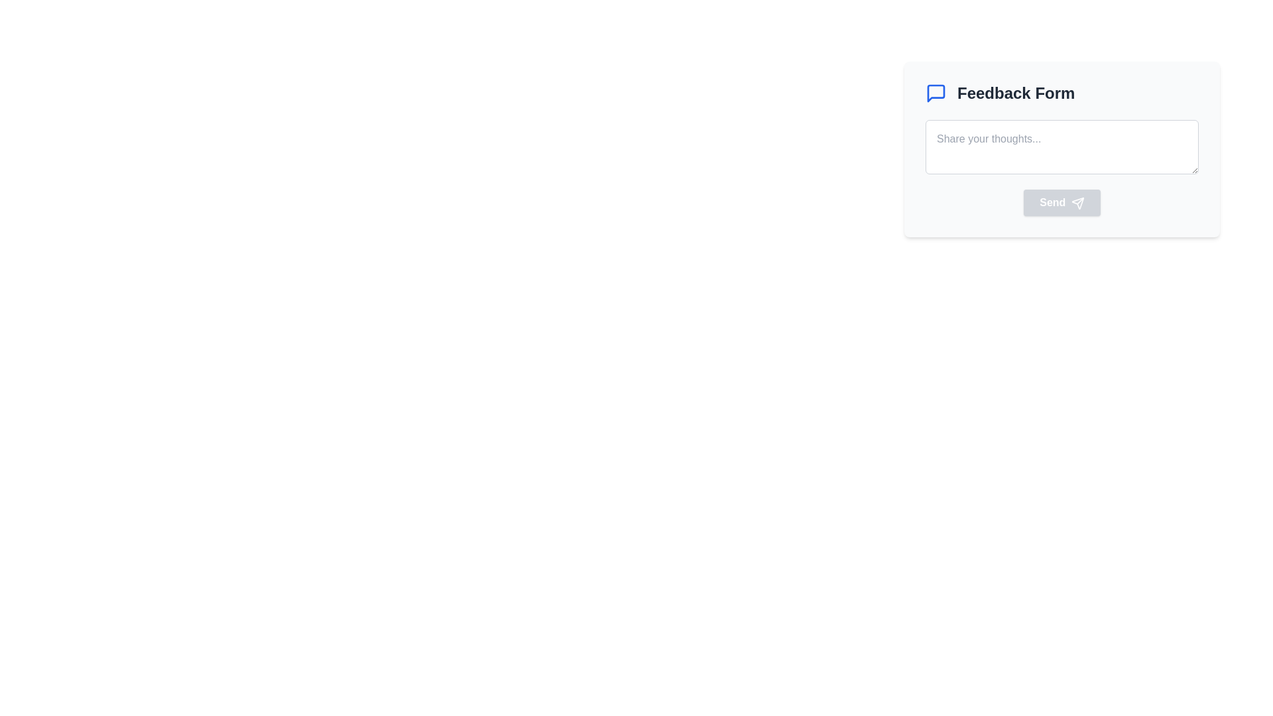 The image size is (1273, 716). What do you see at coordinates (1015, 93) in the screenshot?
I see `the 'Feedback Form' text label, which is prominently displayed in a bold and large font, located on the right side of the interface within a card-like section` at bounding box center [1015, 93].